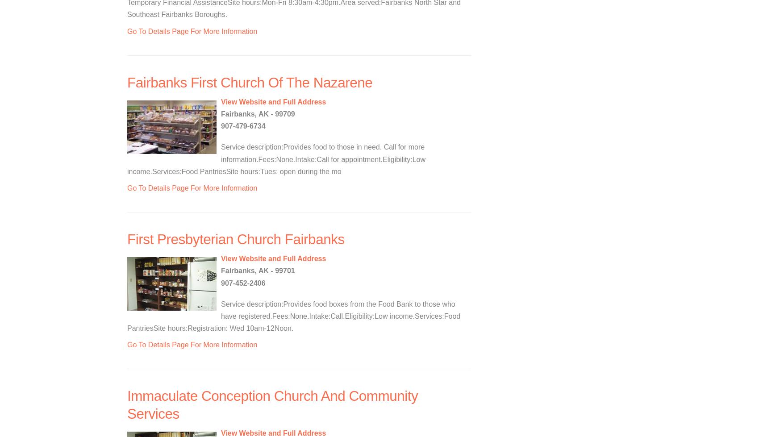 The width and height of the screenshot is (759, 437). I want to click on 'Fairbanks, AK - 99709', so click(257, 114).